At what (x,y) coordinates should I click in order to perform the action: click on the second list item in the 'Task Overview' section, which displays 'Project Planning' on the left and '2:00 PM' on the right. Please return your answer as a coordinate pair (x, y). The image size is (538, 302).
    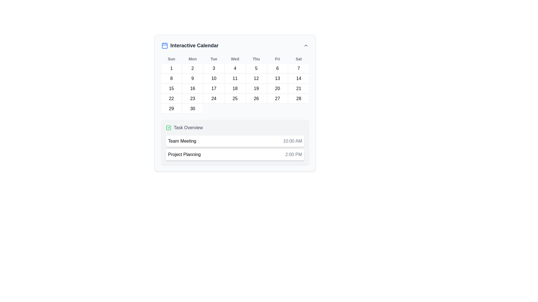
    Looking at the image, I should click on (235, 154).